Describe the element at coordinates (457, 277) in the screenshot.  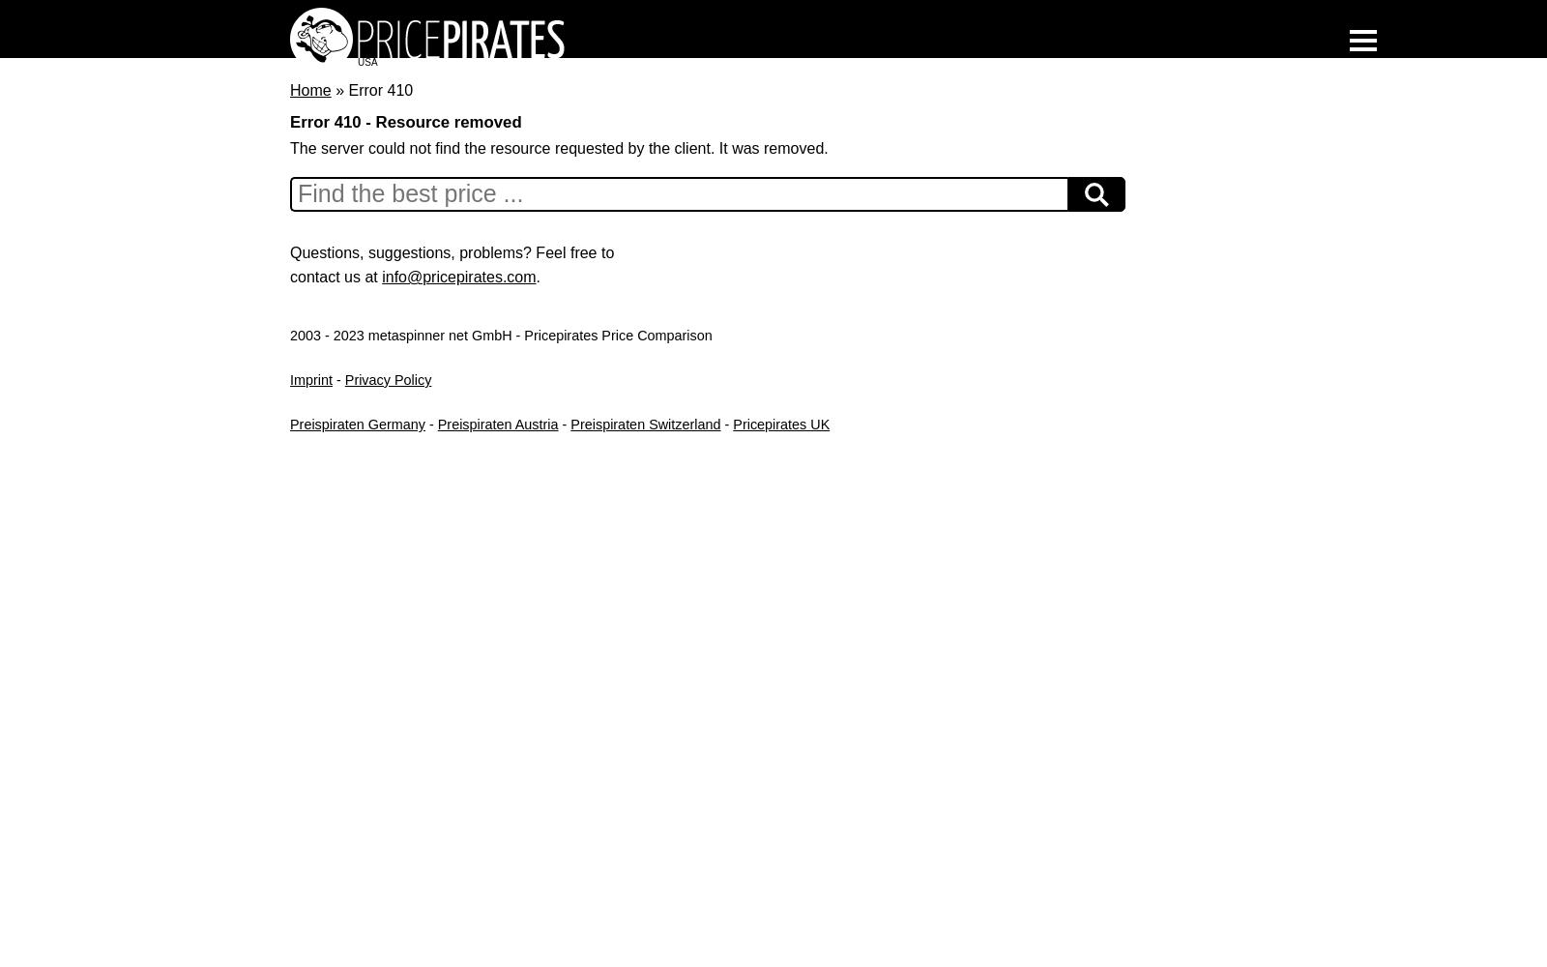
I see `'info@pricepirates.com'` at that location.